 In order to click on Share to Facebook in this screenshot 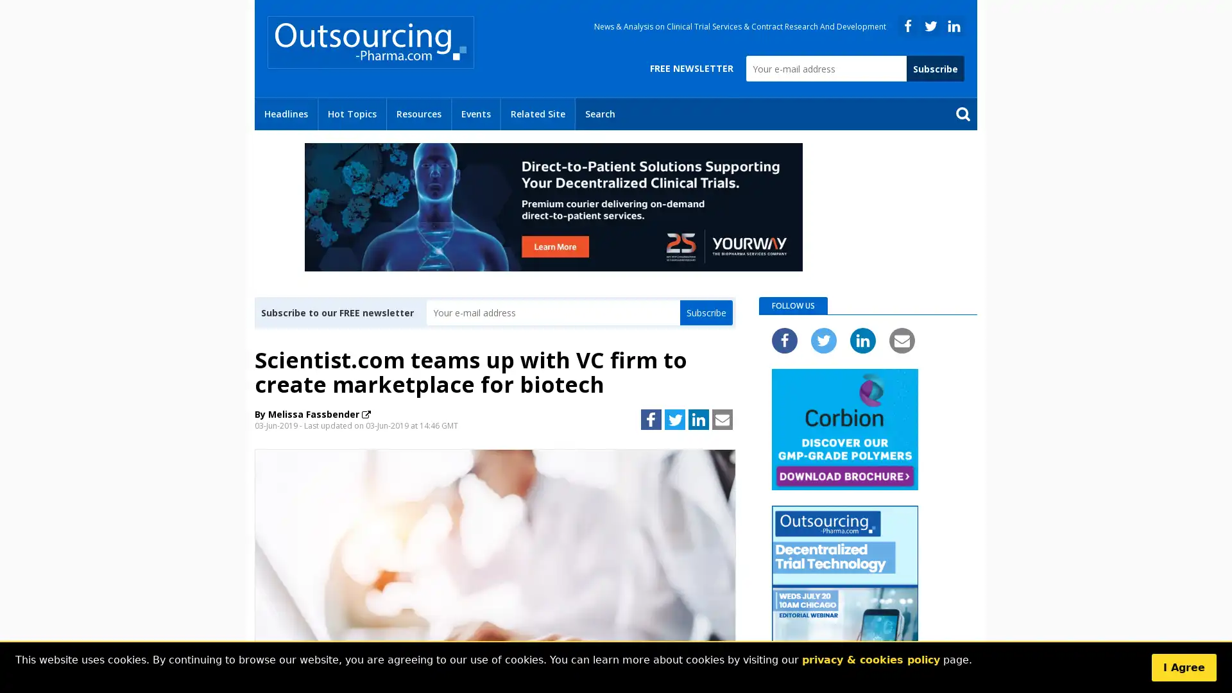, I will do `click(651, 418)`.